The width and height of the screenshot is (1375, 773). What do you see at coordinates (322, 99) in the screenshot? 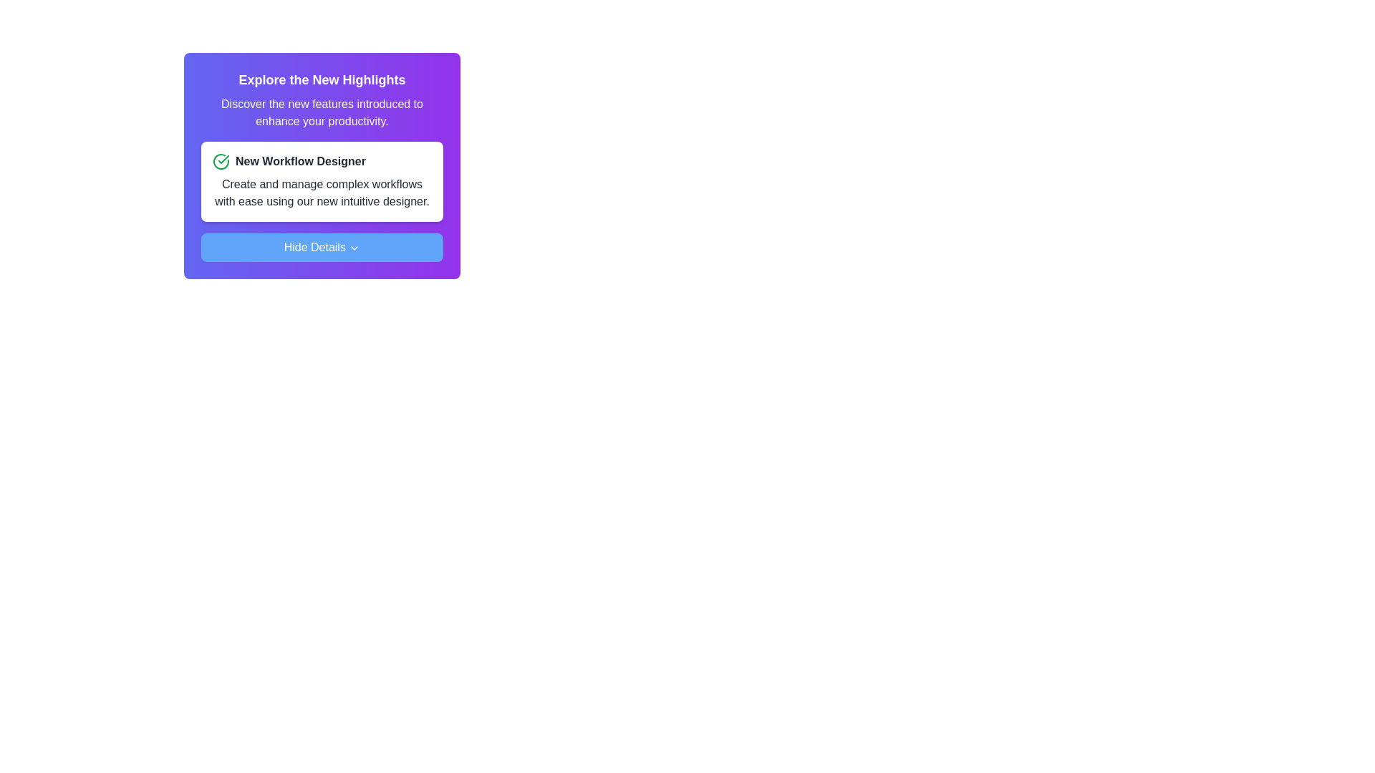
I see `the Static text block that serves as a header introducing new features in the vertically arranged card layout` at bounding box center [322, 99].